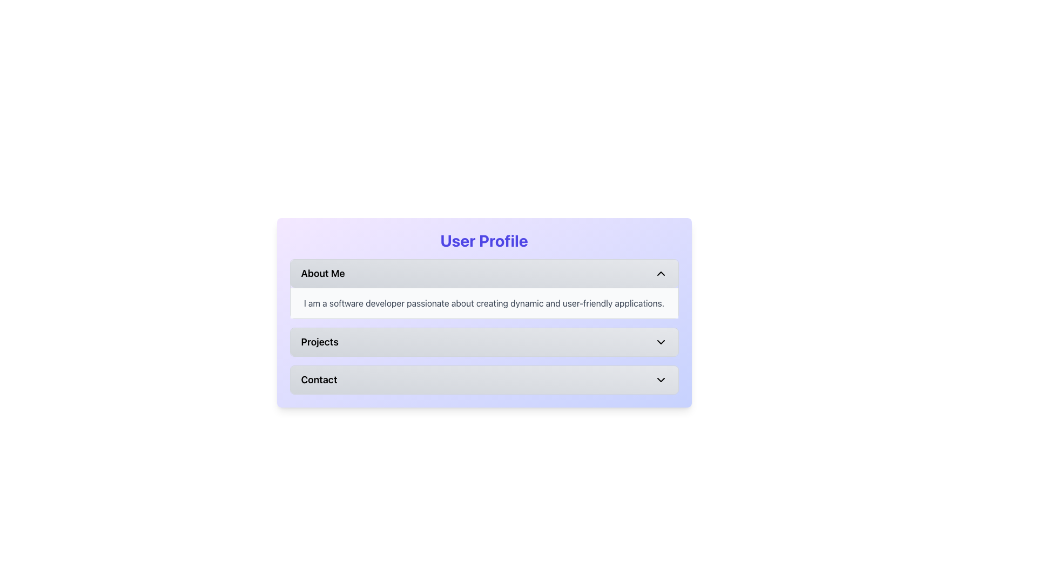 This screenshot has height=583, width=1037. I want to click on the 'Projects' collapsible button within the 'User Profile' section, so click(483, 342).